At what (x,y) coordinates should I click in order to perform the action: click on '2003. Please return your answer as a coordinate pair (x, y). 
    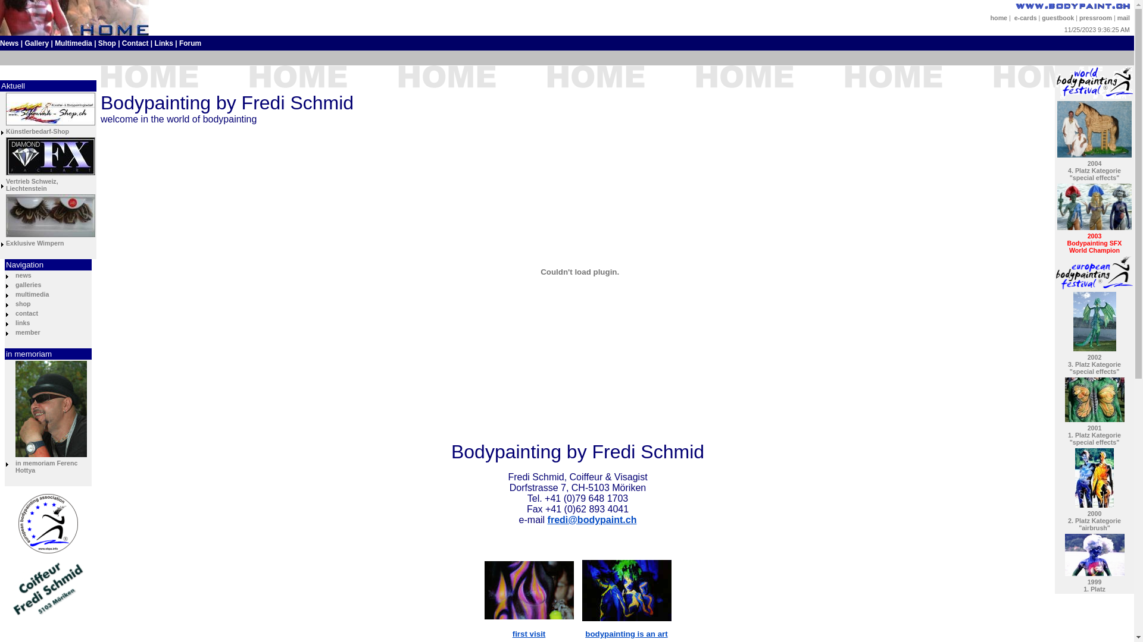
    Looking at the image, I should click on (1094, 242).